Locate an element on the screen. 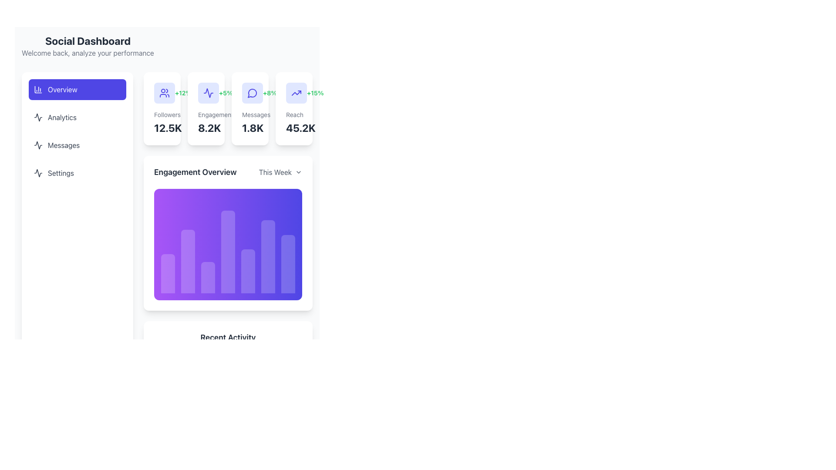  the fifth vertical graph bar in the 'Engagement Overview' section is located at coordinates (248, 271).